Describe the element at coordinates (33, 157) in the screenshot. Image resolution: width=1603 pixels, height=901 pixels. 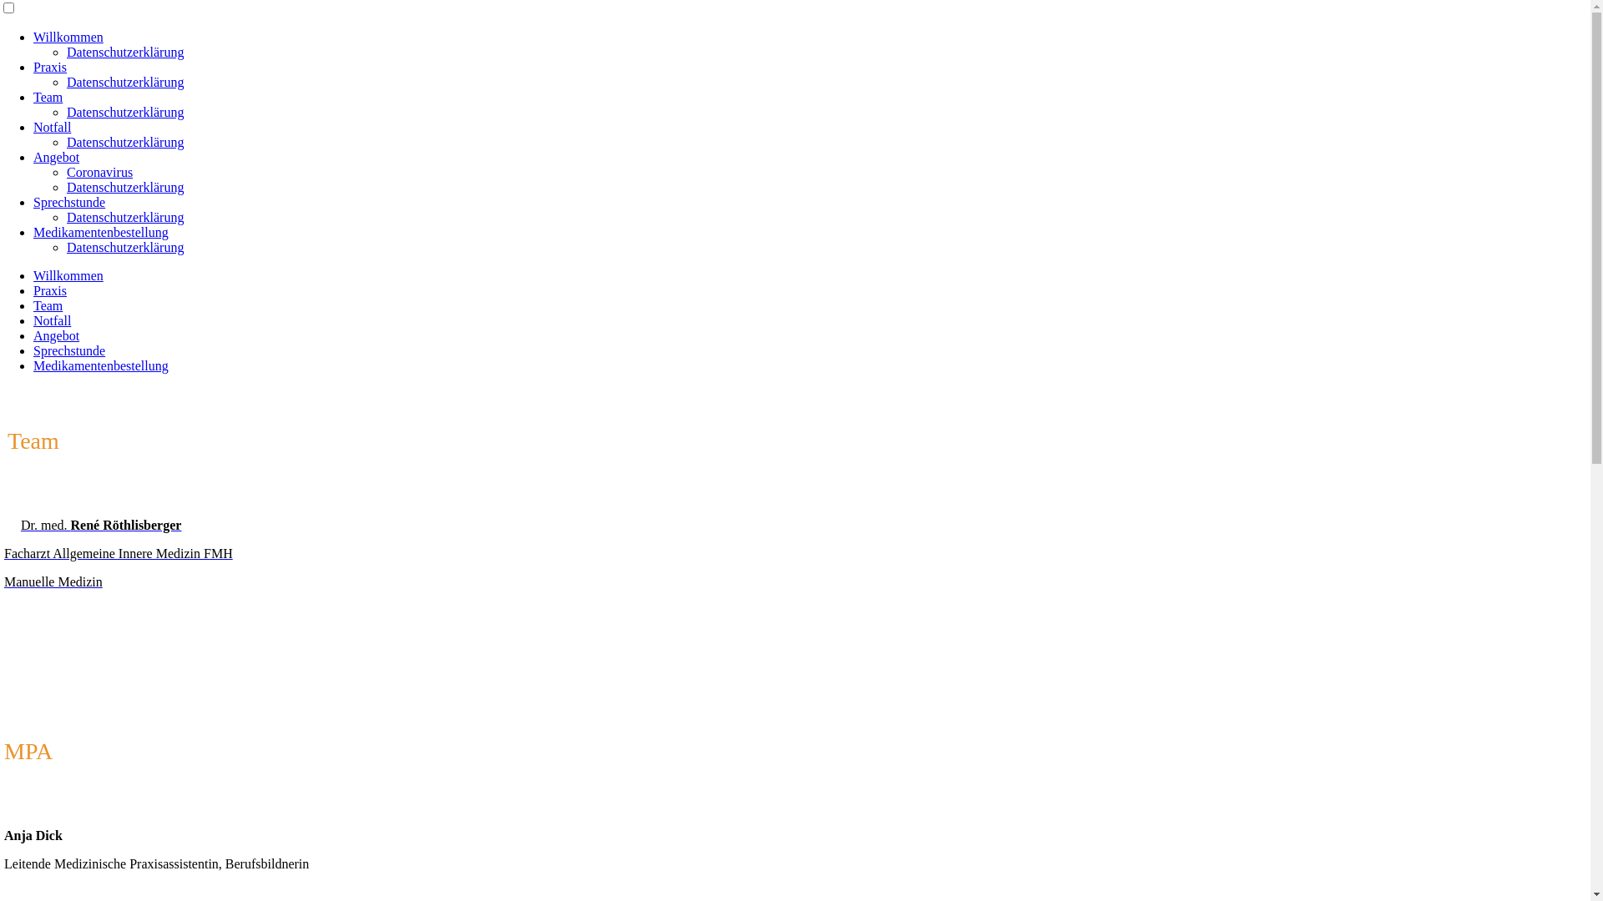
I see `'Angebot'` at that location.